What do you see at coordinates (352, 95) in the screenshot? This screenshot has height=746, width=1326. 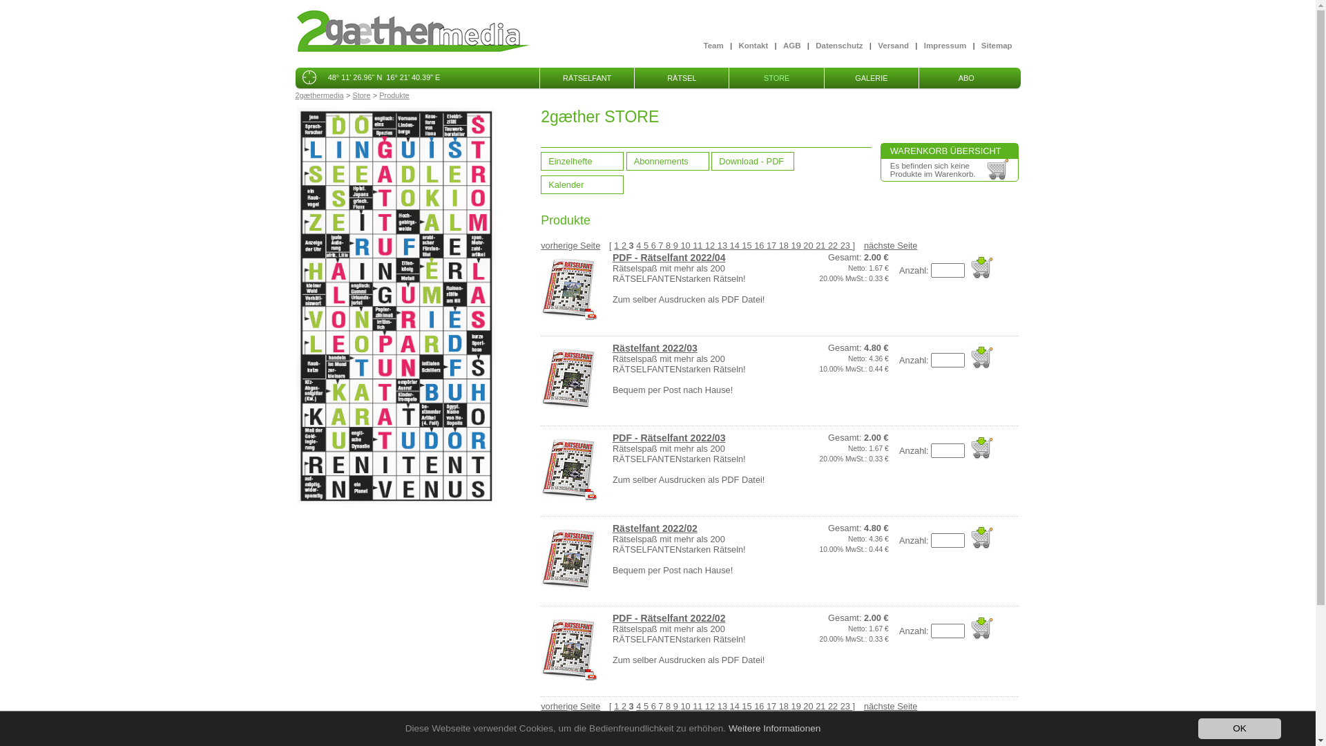 I see `'Store'` at bounding box center [352, 95].